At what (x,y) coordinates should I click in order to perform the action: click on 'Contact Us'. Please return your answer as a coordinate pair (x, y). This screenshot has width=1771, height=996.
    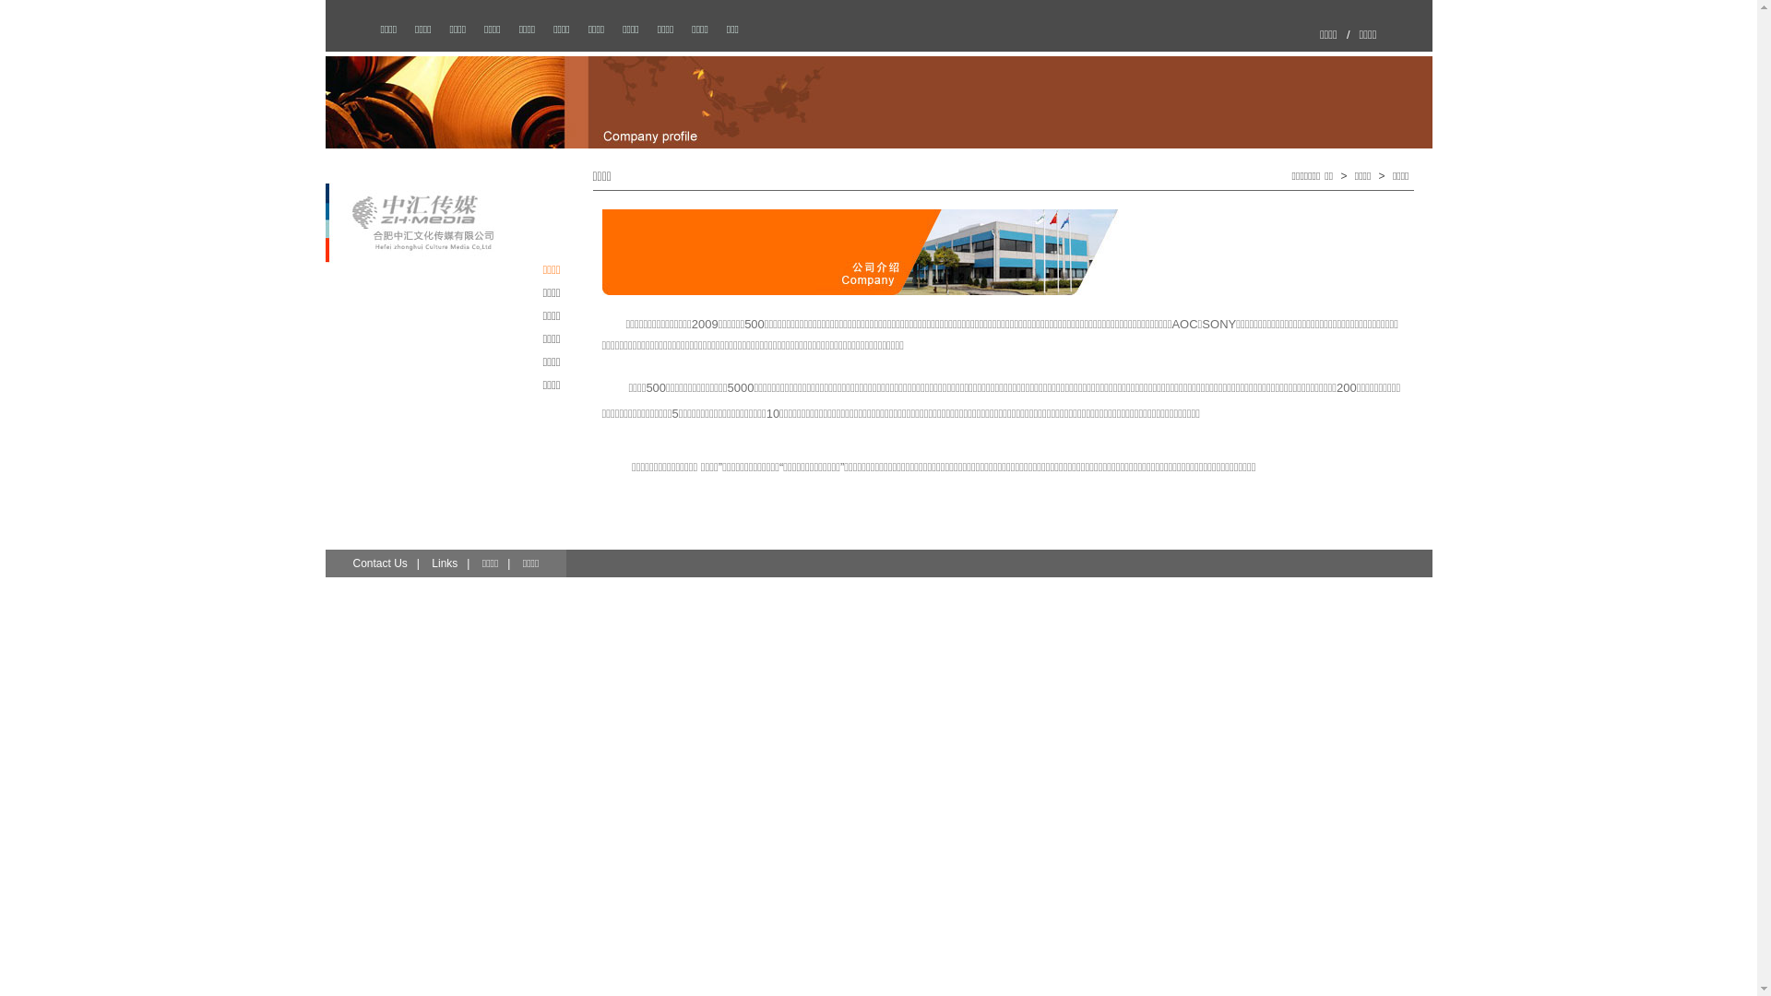
    Looking at the image, I should click on (378, 562).